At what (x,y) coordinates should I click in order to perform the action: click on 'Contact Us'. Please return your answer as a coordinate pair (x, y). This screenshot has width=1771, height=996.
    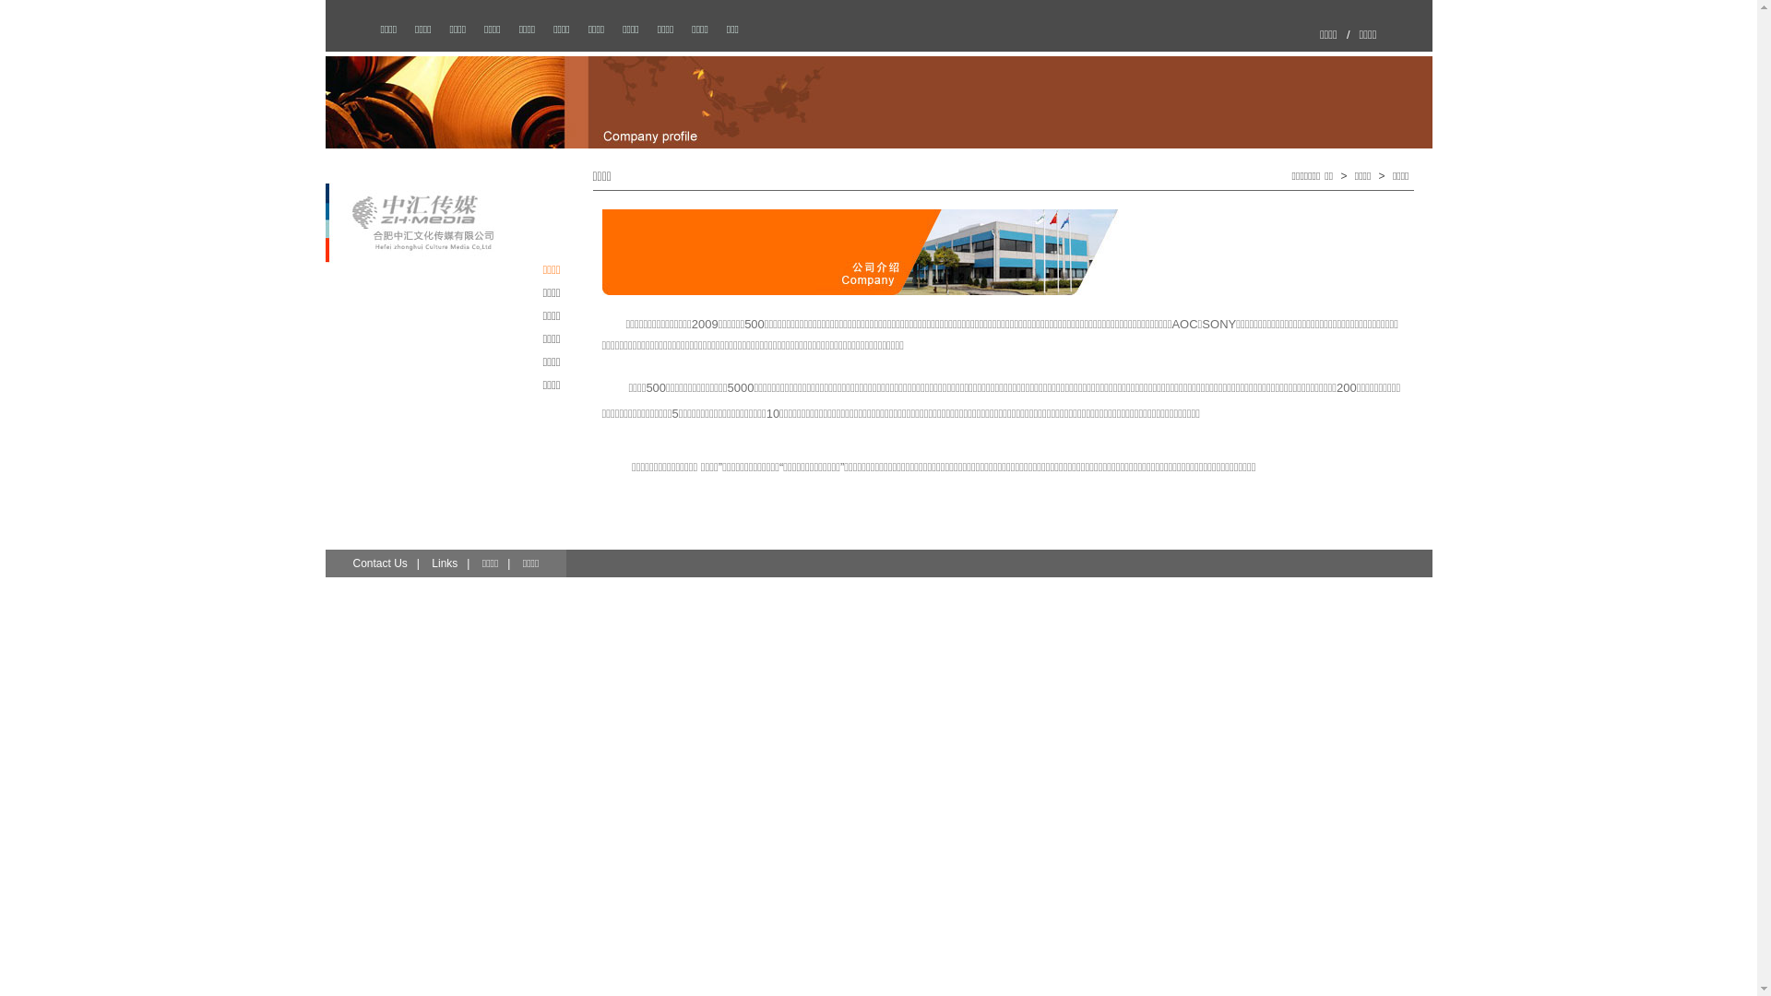
    Looking at the image, I should click on (378, 562).